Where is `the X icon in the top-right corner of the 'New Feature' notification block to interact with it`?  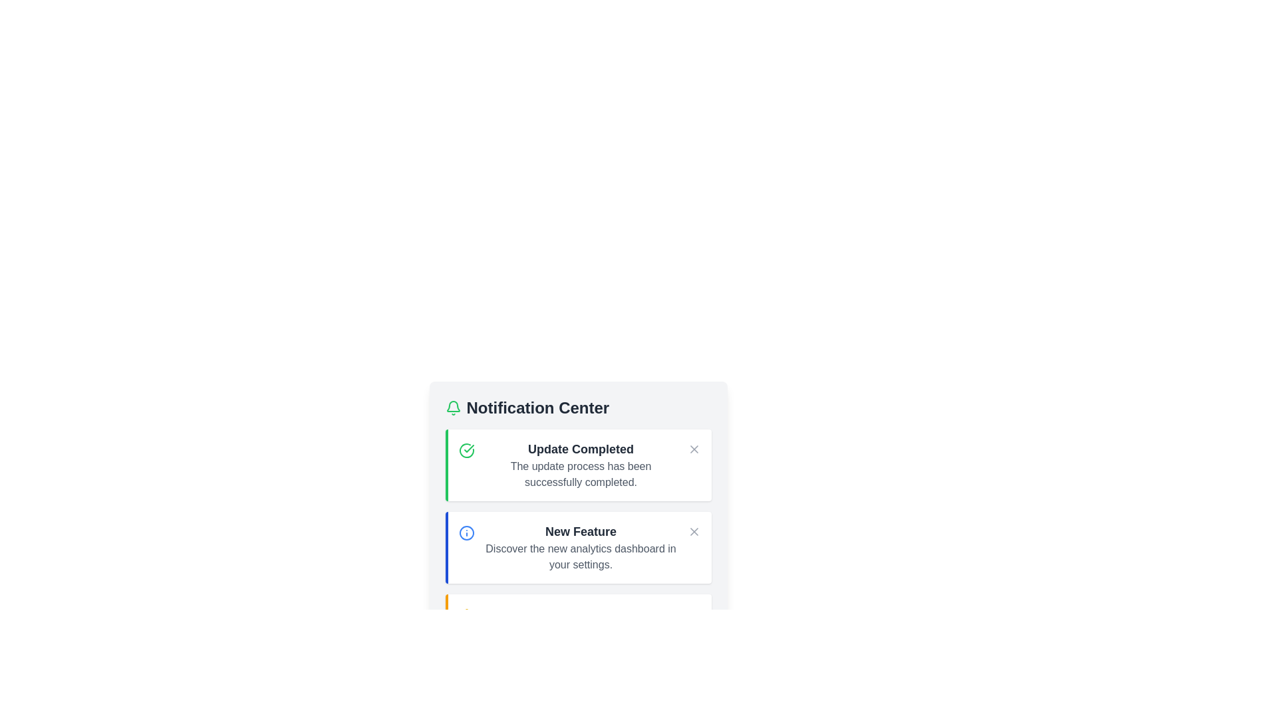
the X icon in the top-right corner of the 'New Feature' notification block to interact with it is located at coordinates (693, 531).